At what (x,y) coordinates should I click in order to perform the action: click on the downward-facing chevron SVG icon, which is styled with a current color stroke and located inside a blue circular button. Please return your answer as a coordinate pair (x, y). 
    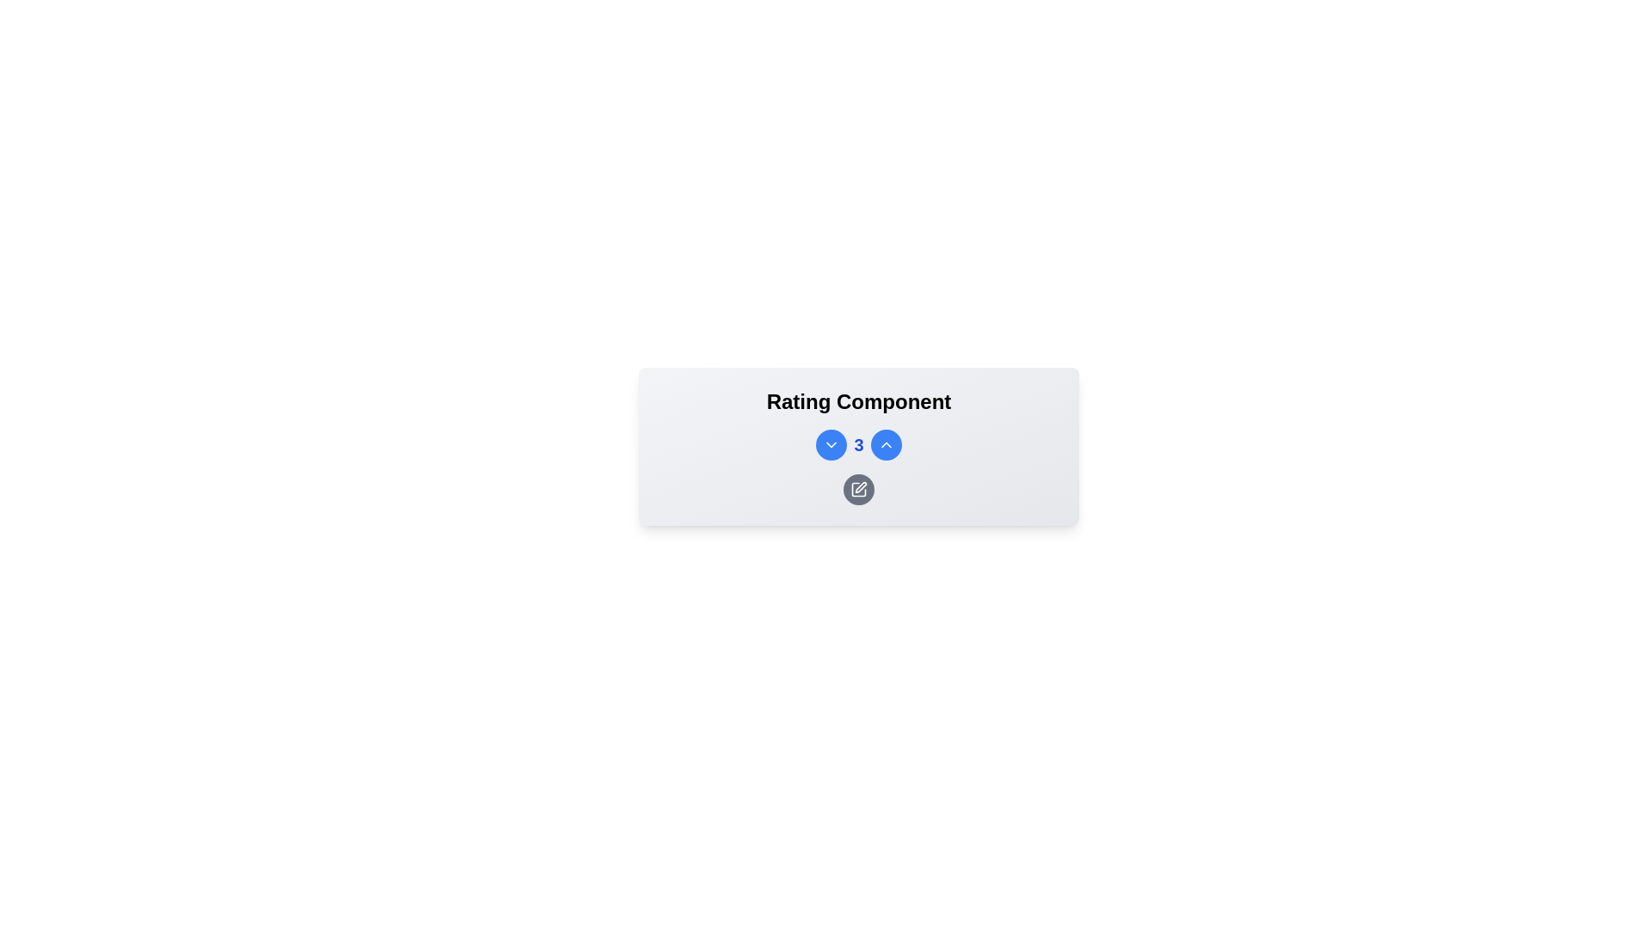
    Looking at the image, I should click on (832, 443).